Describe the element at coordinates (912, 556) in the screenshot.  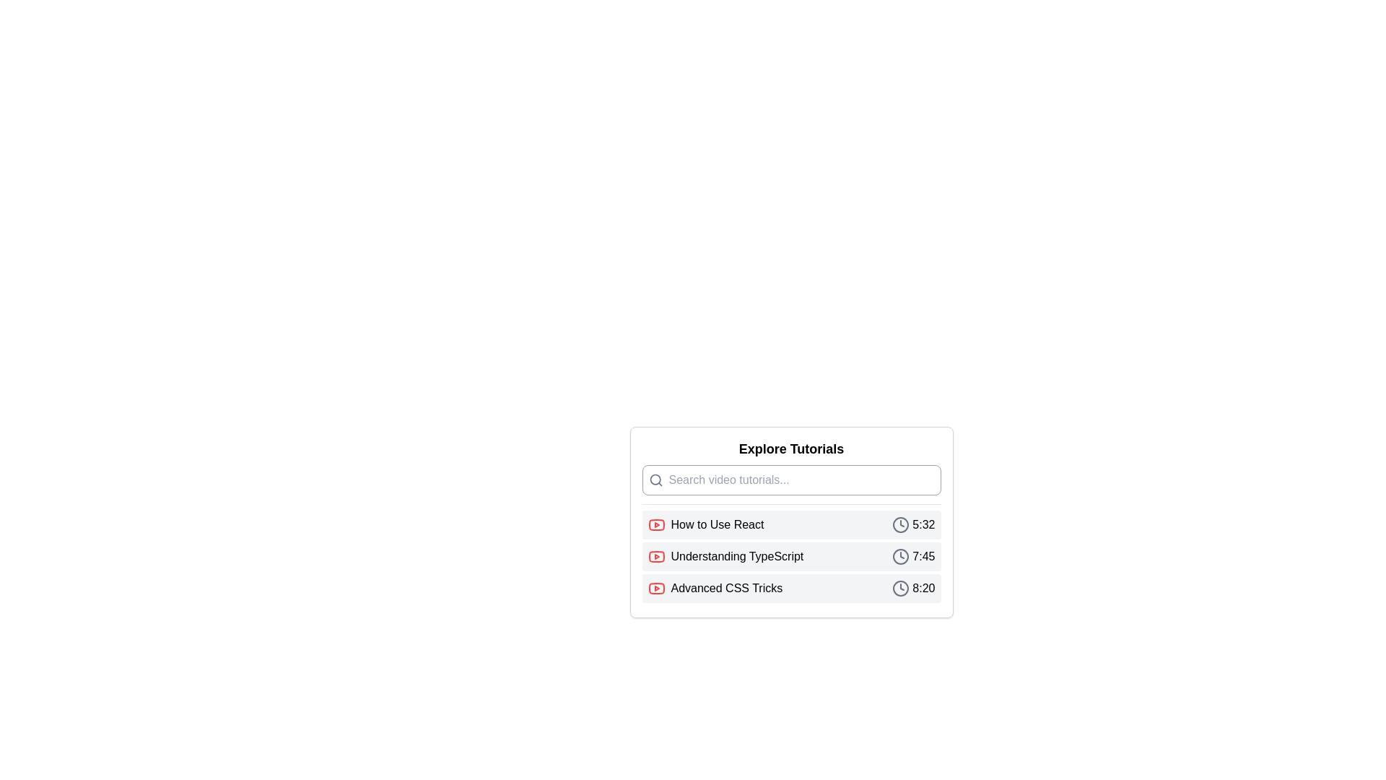
I see `the Text with icon displaying the duration of the associated video tutorial, located to the right of a clock icon and aligned with the text 'Understanding TypeScript'` at that location.